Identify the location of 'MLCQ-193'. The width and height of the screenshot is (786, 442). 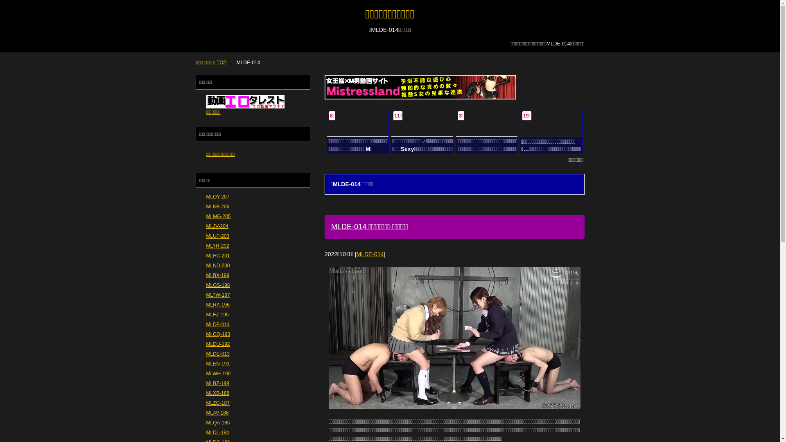
(206, 334).